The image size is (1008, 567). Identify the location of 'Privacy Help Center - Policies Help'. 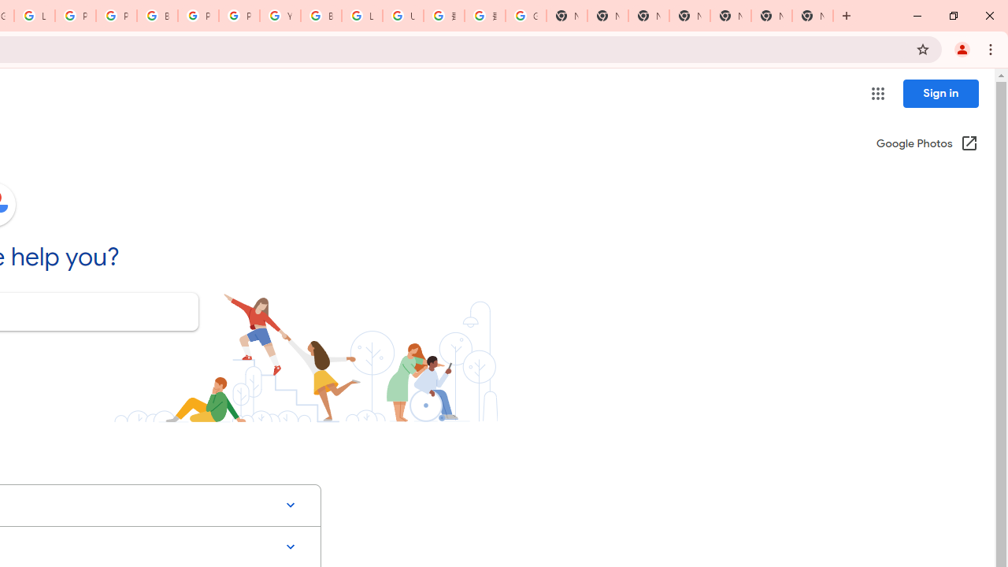
(75, 16).